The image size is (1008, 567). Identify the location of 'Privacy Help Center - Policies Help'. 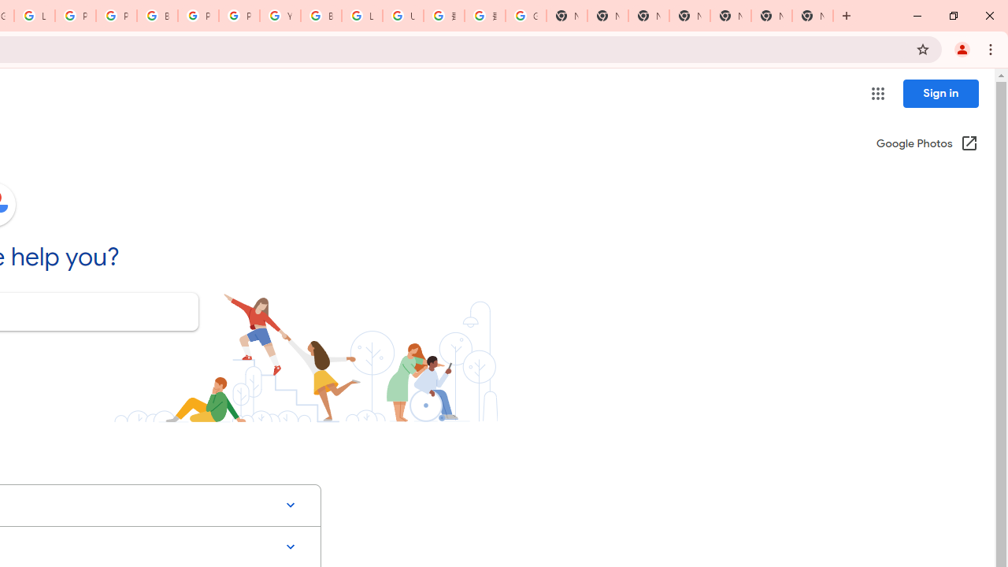
(75, 16).